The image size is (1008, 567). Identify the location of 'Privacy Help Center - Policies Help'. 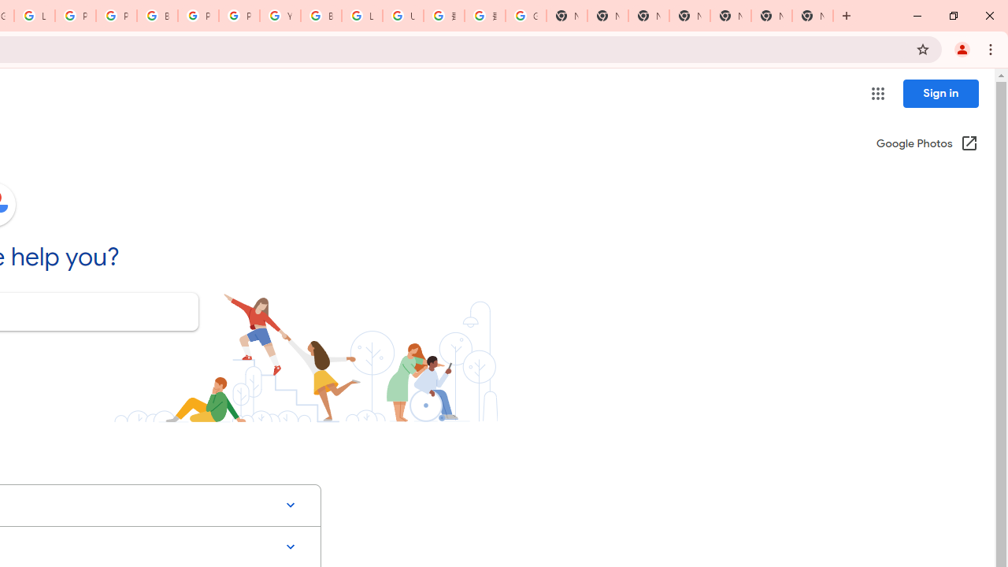
(75, 16).